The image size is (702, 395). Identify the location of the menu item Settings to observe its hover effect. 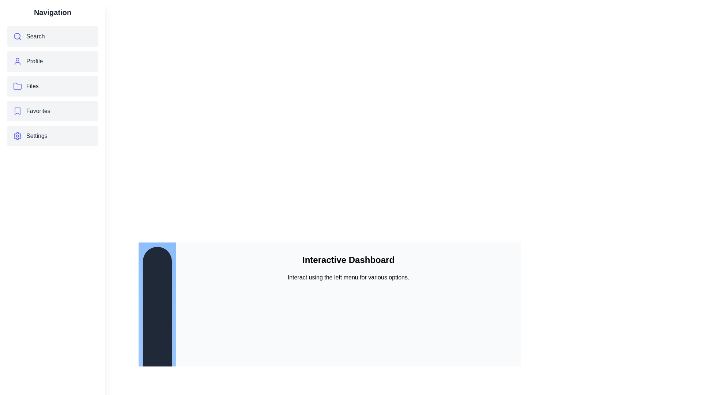
(52, 136).